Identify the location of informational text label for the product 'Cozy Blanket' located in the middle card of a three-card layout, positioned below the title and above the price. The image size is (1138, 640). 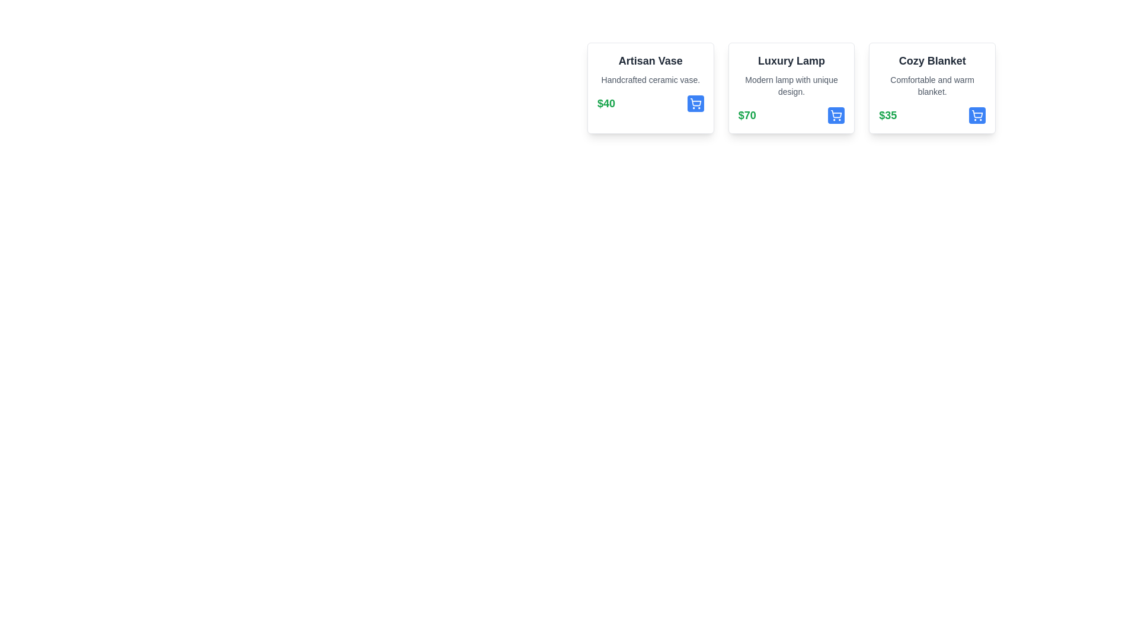
(932, 85).